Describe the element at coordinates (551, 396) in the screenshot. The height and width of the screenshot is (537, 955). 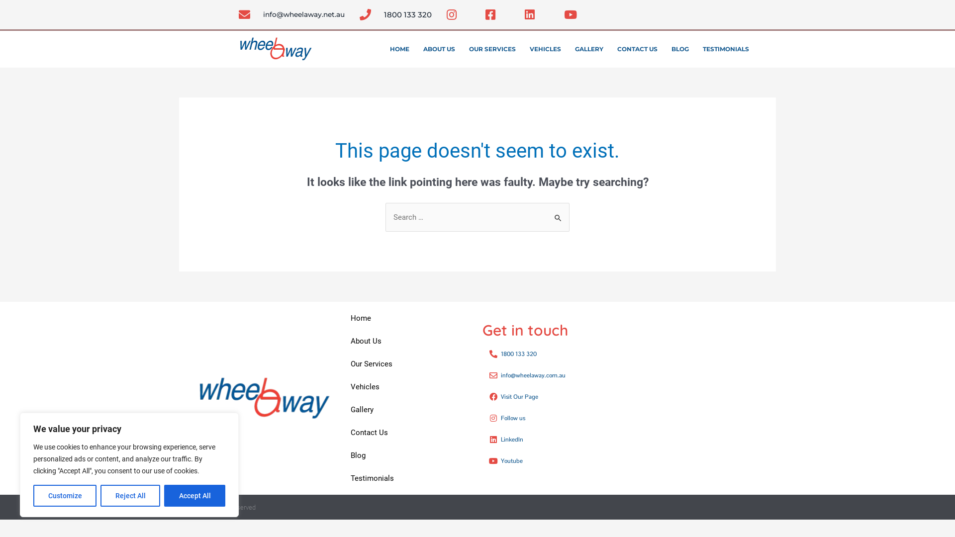
I see `'Visit Our Page'` at that location.